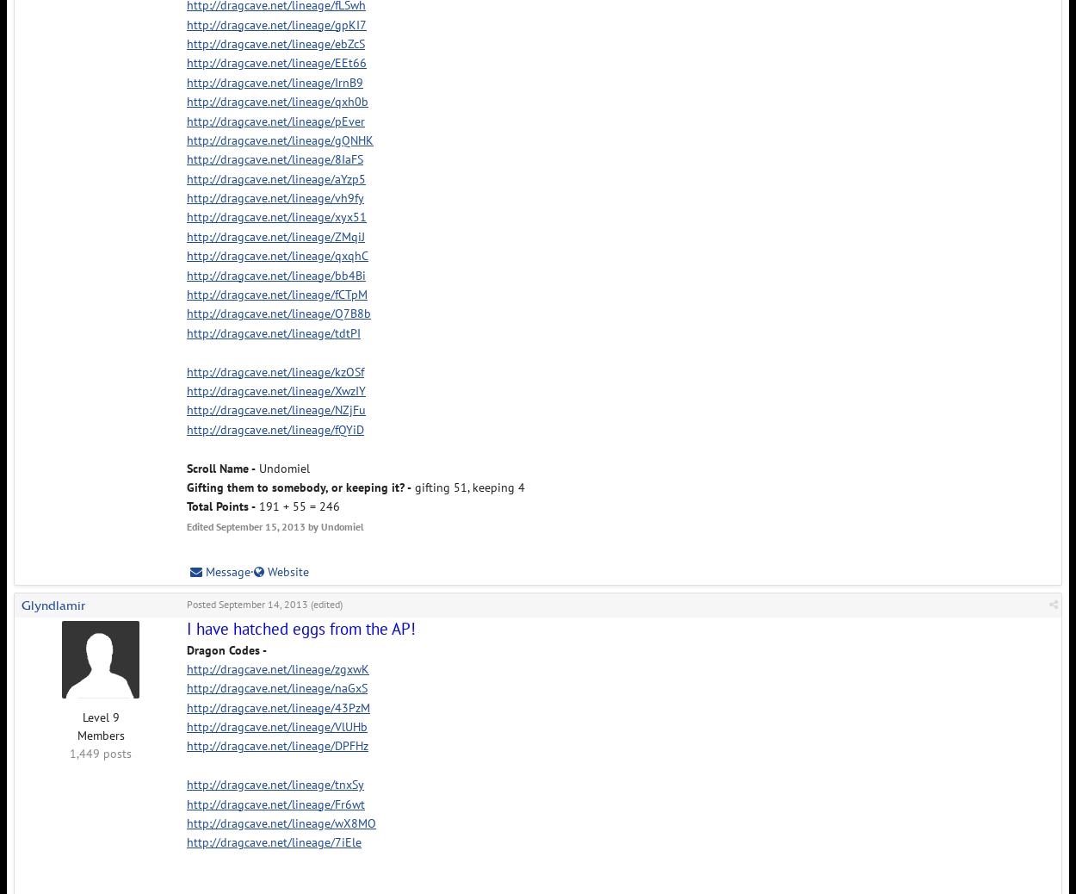  What do you see at coordinates (100, 754) in the screenshot?
I see `'1,449 posts'` at bounding box center [100, 754].